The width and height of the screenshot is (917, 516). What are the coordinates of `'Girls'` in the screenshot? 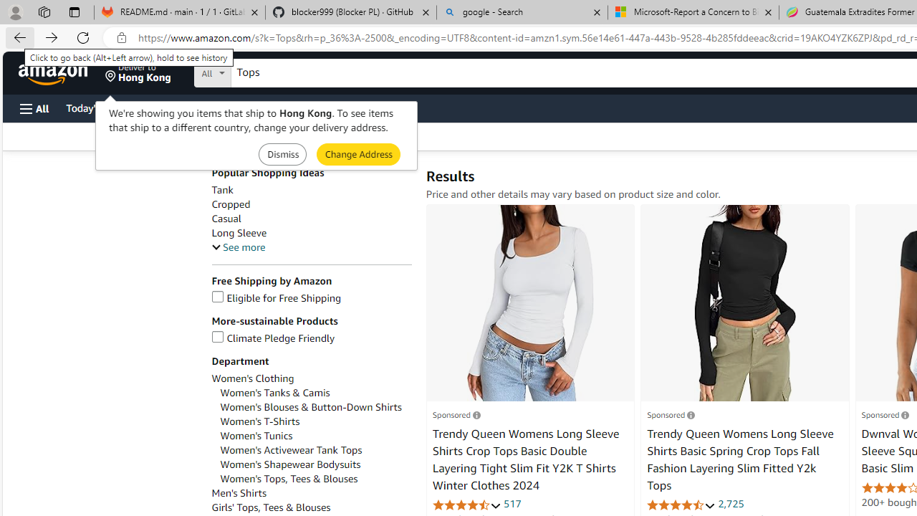 It's located at (271, 507).